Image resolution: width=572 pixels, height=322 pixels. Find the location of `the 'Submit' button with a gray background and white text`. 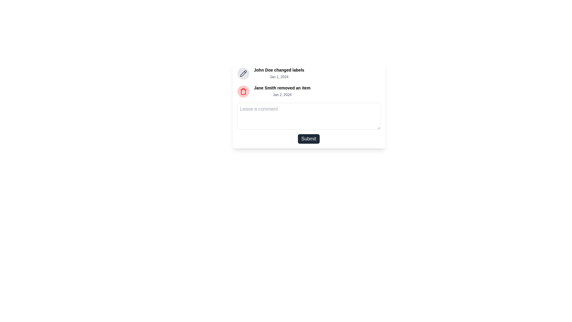

the 'Submit' button with a gray background and white text is located at coordinates (309, 139).